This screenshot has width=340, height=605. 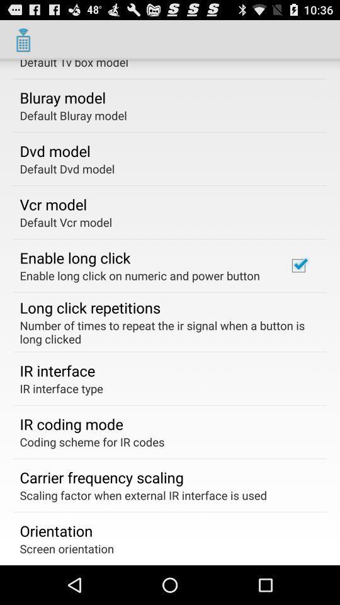 I want to click on checkbox on the right, so click(x=298, y=265).